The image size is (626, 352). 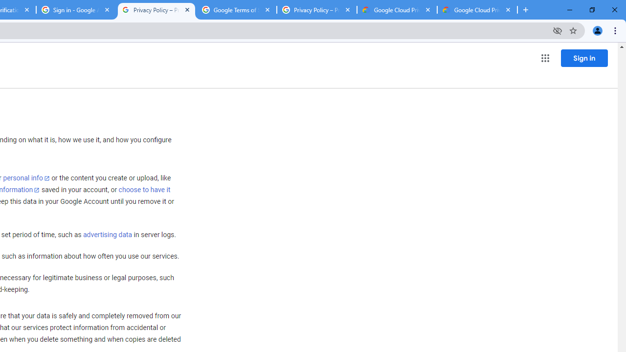 What do you see at coordinates (26, 178) in the screenshot?
I see `'personal info'` at bounding box center [26, 178].